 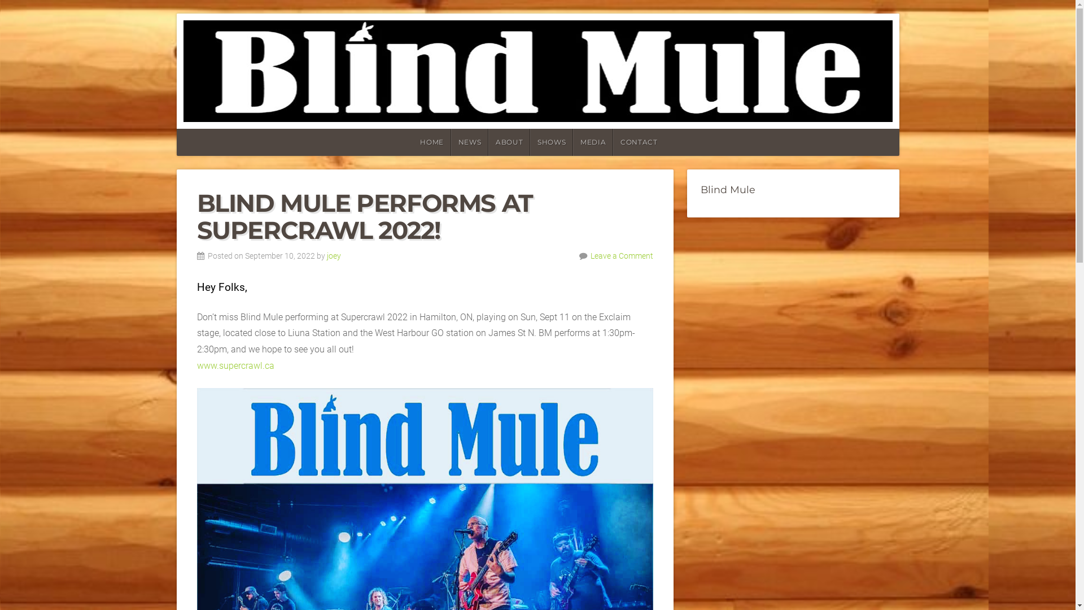 What do you see at coordinates (590, 256) in the screenshot?
I see `'Leave a Comment'` at bounding box center [590, 256].